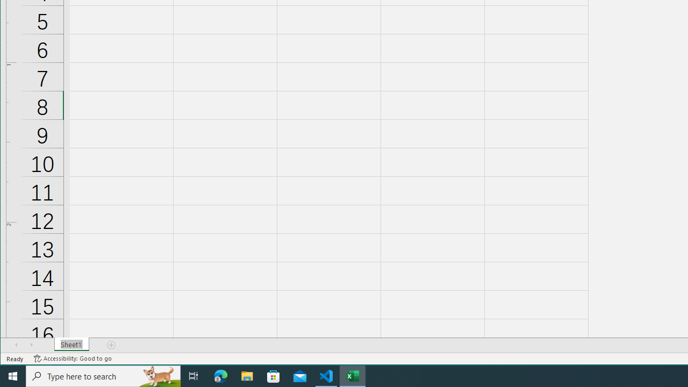  Describe the element at coordinates (247, 375) in the screenshot. I see `'File Explorer'` at that location.